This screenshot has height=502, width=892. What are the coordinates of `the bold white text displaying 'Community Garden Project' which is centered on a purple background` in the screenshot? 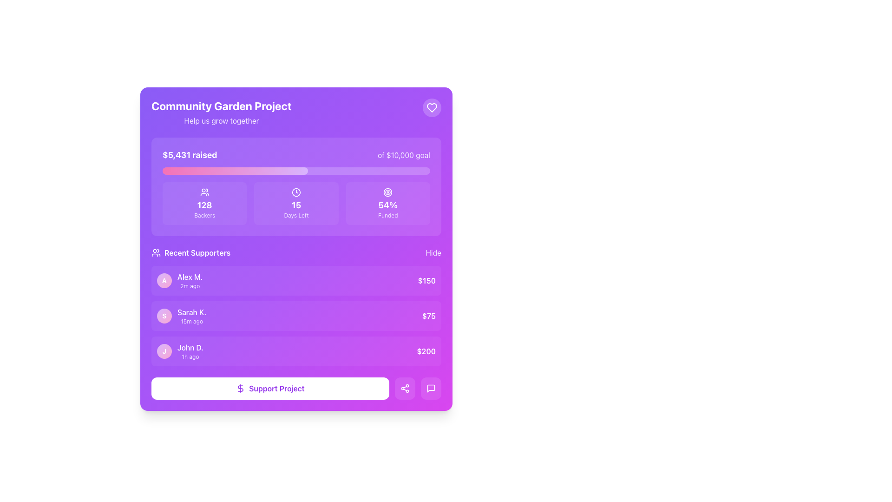 It's located at (221, 105).